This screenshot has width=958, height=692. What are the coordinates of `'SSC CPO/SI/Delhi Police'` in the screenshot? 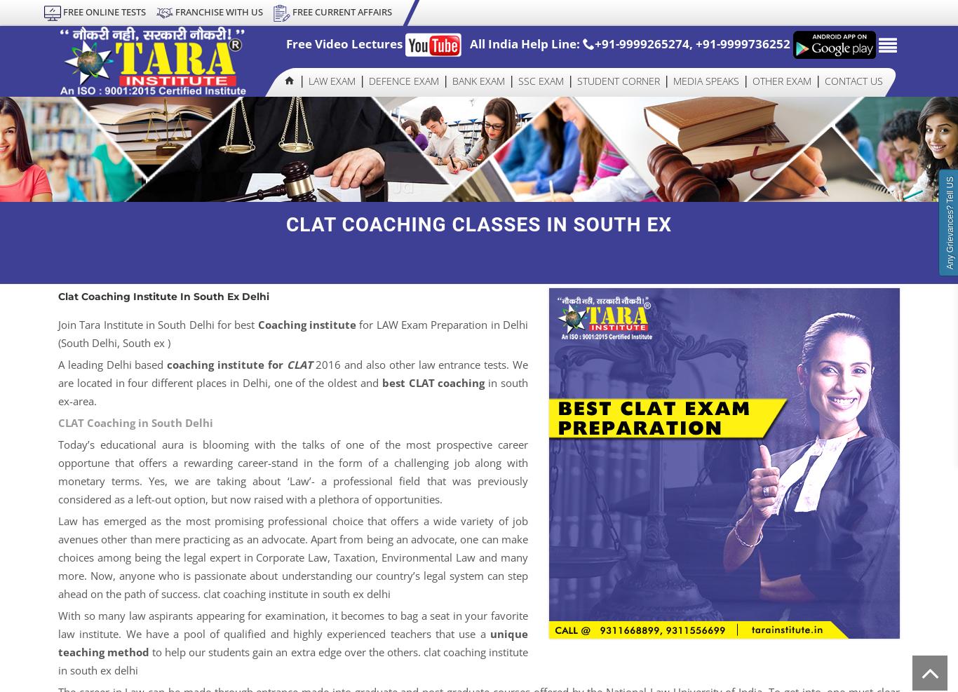 It's located at (578, 241).